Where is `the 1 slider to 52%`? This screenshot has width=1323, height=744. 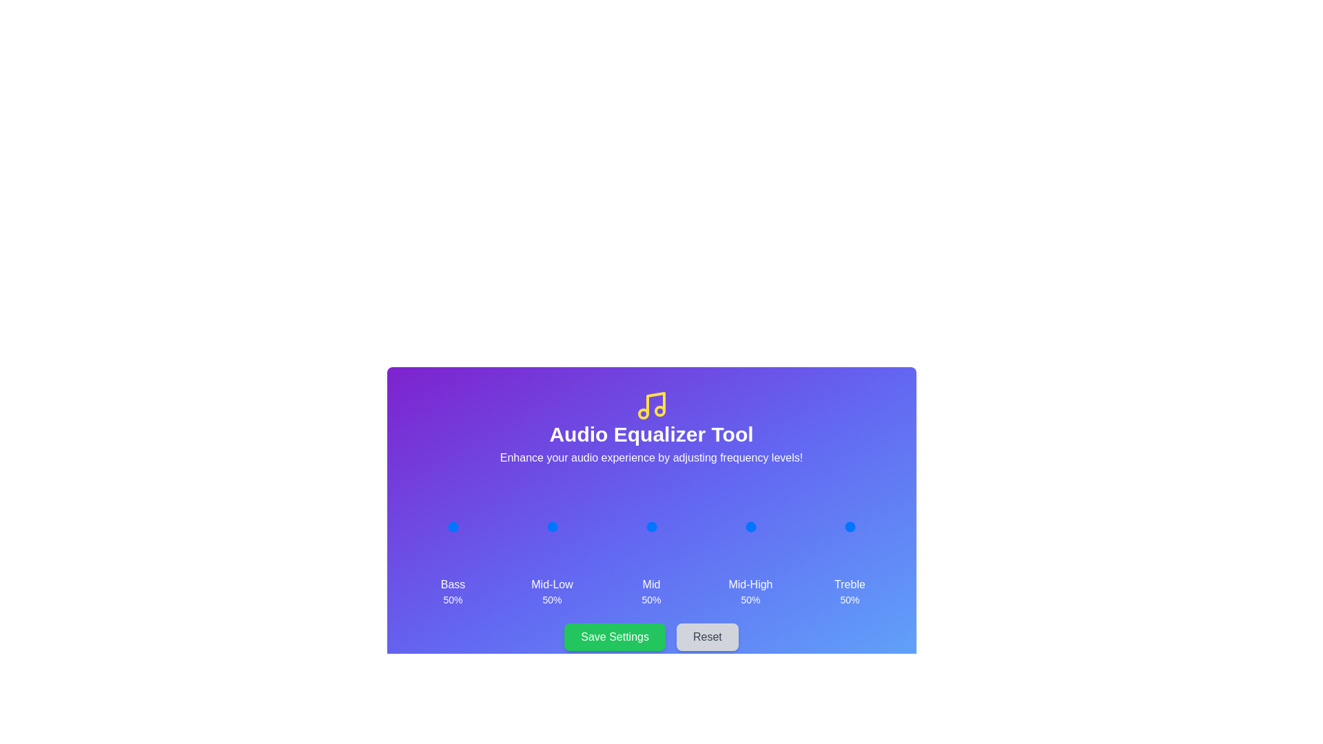
the 1 slider to 52% is located at coordinates (553, 526).